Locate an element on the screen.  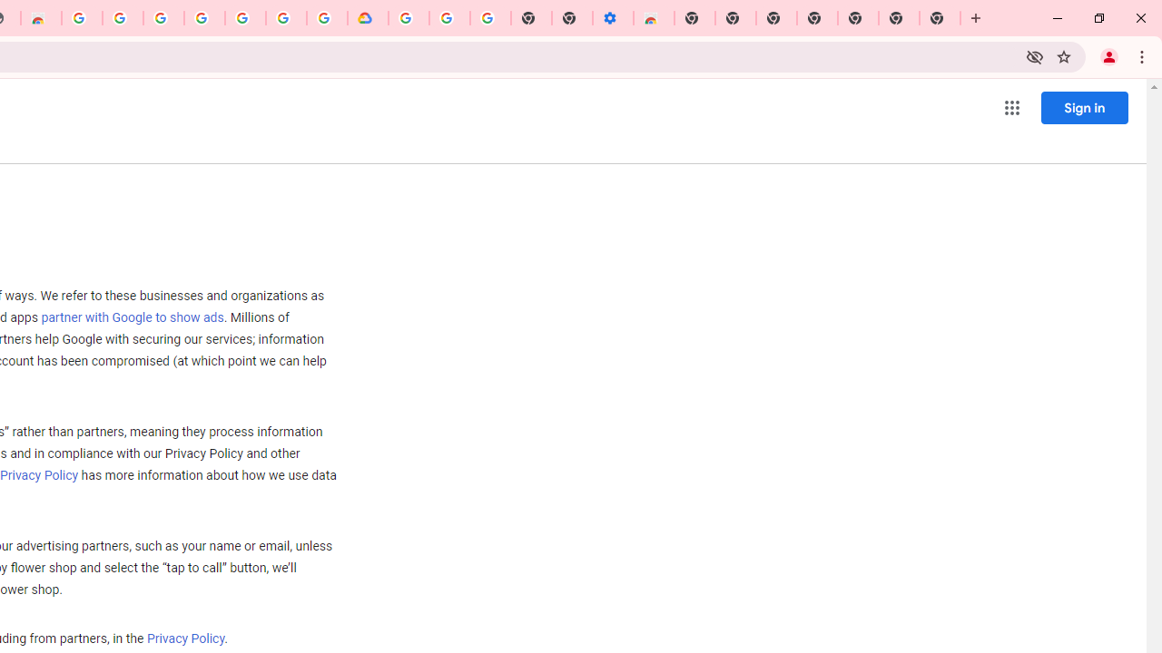
'Chrome Web Store - Accessibility extensions' is located at coordinates (654, 18).